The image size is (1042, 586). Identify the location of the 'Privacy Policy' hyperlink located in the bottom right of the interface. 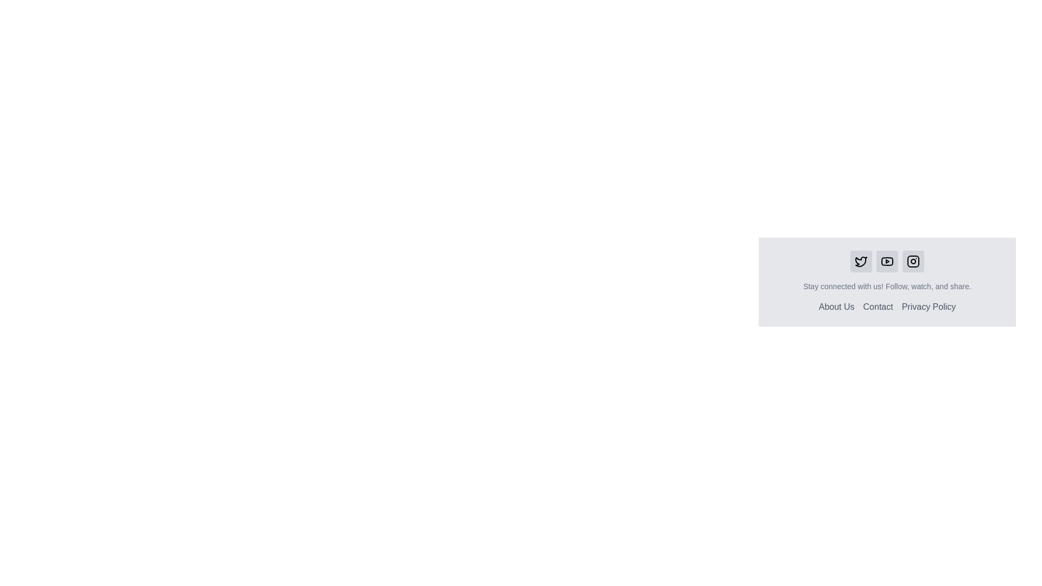
(928, 307).